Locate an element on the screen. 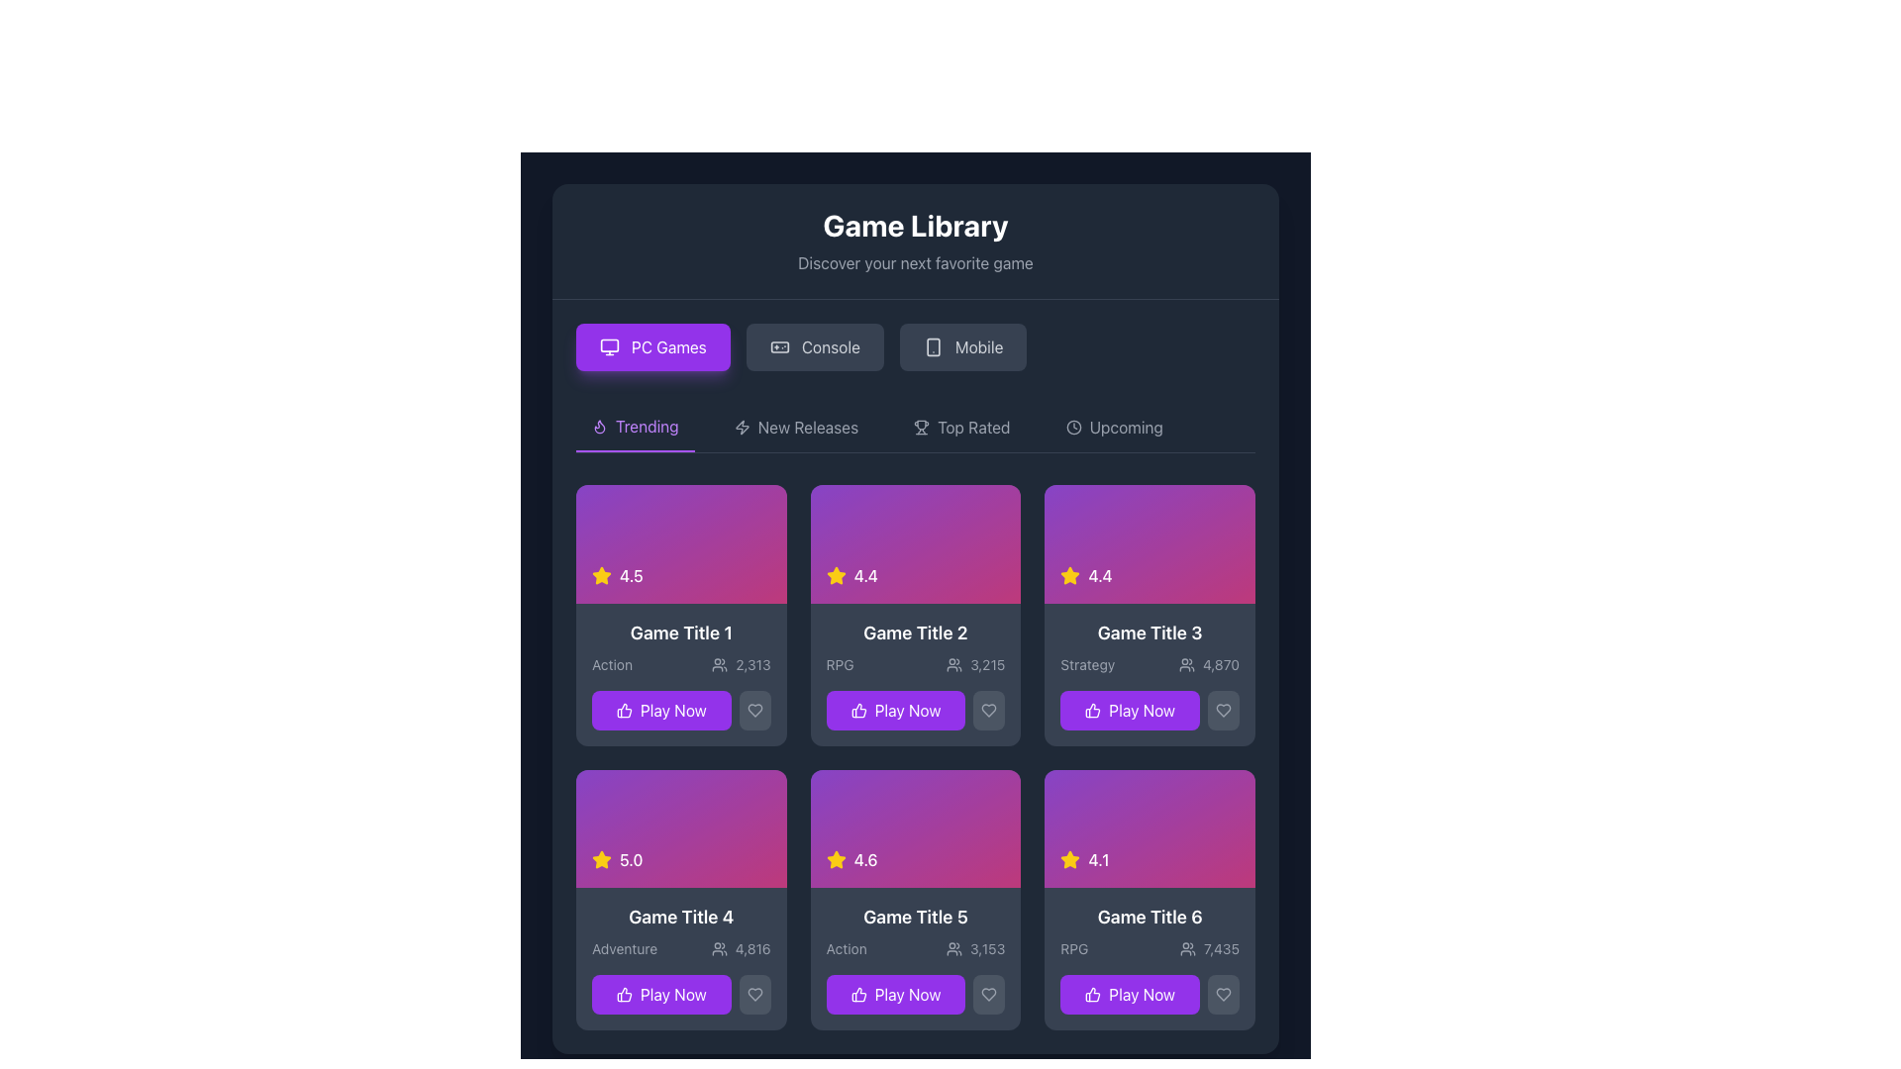  the static text element displaying the game title located in the second card of the first row under the 'Trending' section of the 'Game Library' interface is located at coordinates (915, 632).